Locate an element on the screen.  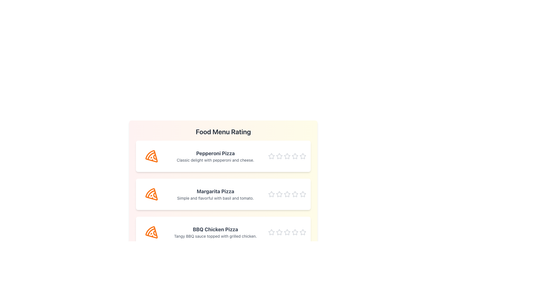
keyboard navigation is located at coordinates (302, 194).